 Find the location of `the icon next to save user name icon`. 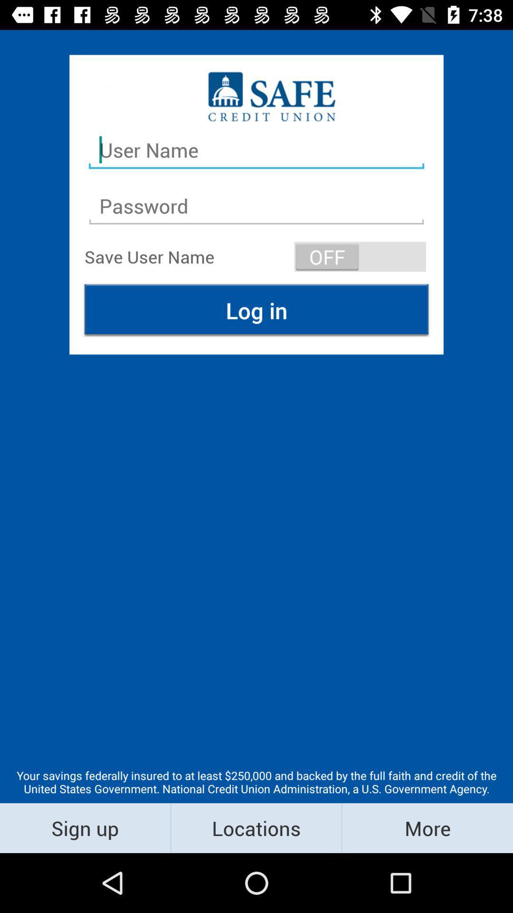

the icon next to save user name icon is located at coordinates (360, 256).